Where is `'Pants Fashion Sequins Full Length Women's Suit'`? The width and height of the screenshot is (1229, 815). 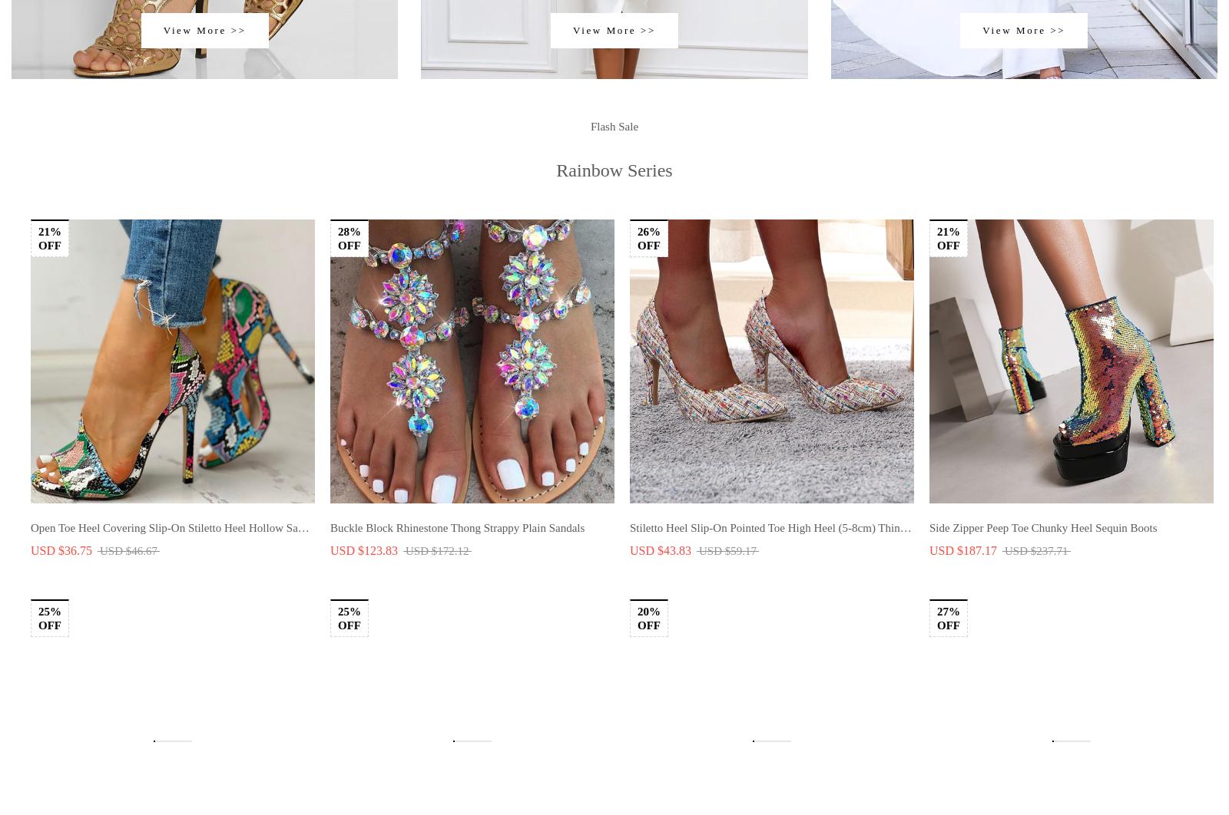
'Pants Fashion Sequins Full Length Women's Suit' is located at coordinates (442, 199).